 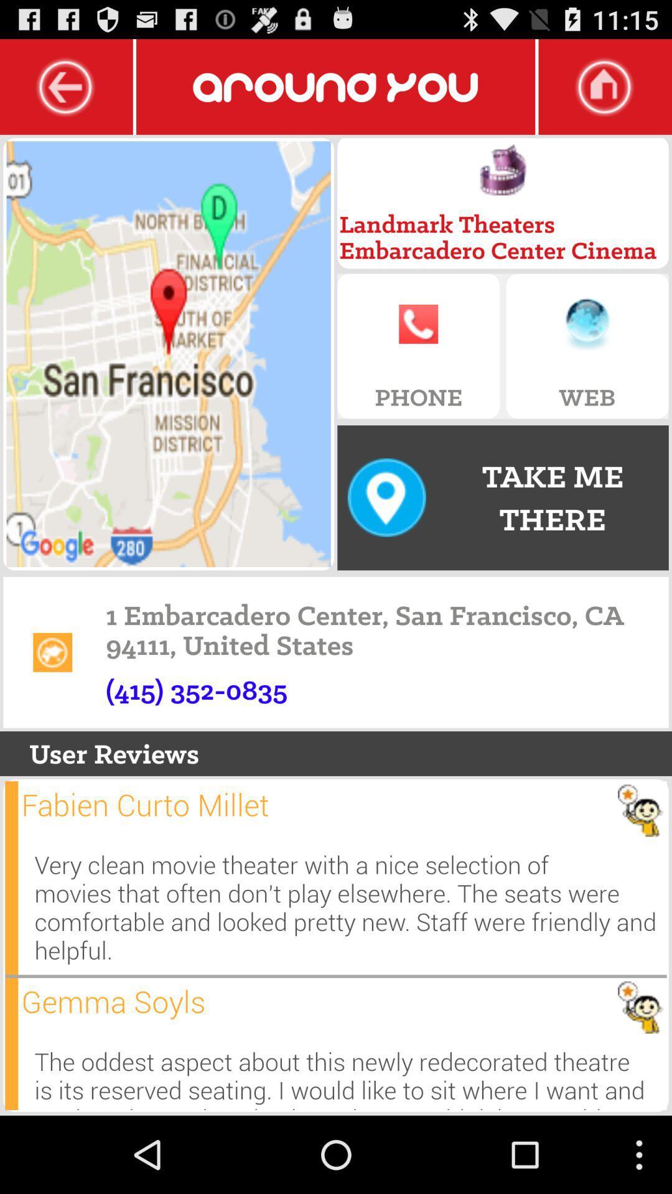 I want to click on app next to gemma soyls, so click(x=11, y=1044).